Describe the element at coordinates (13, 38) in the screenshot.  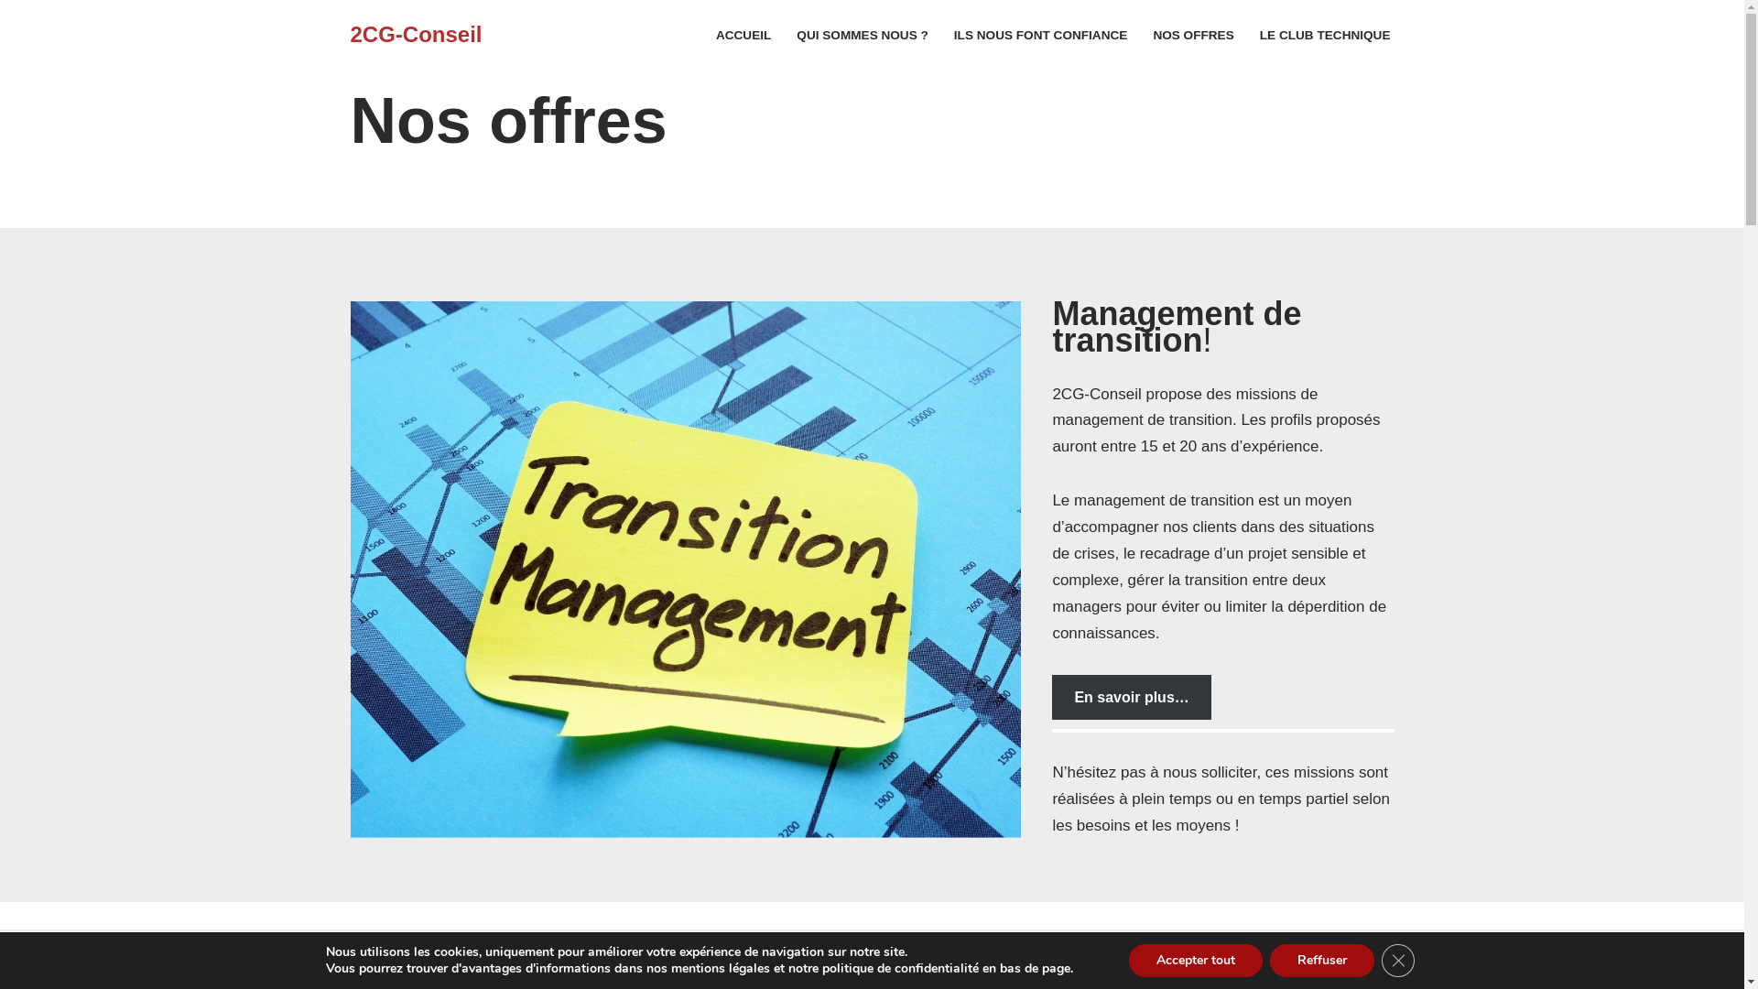
I see `'Skip to content'` at that location.